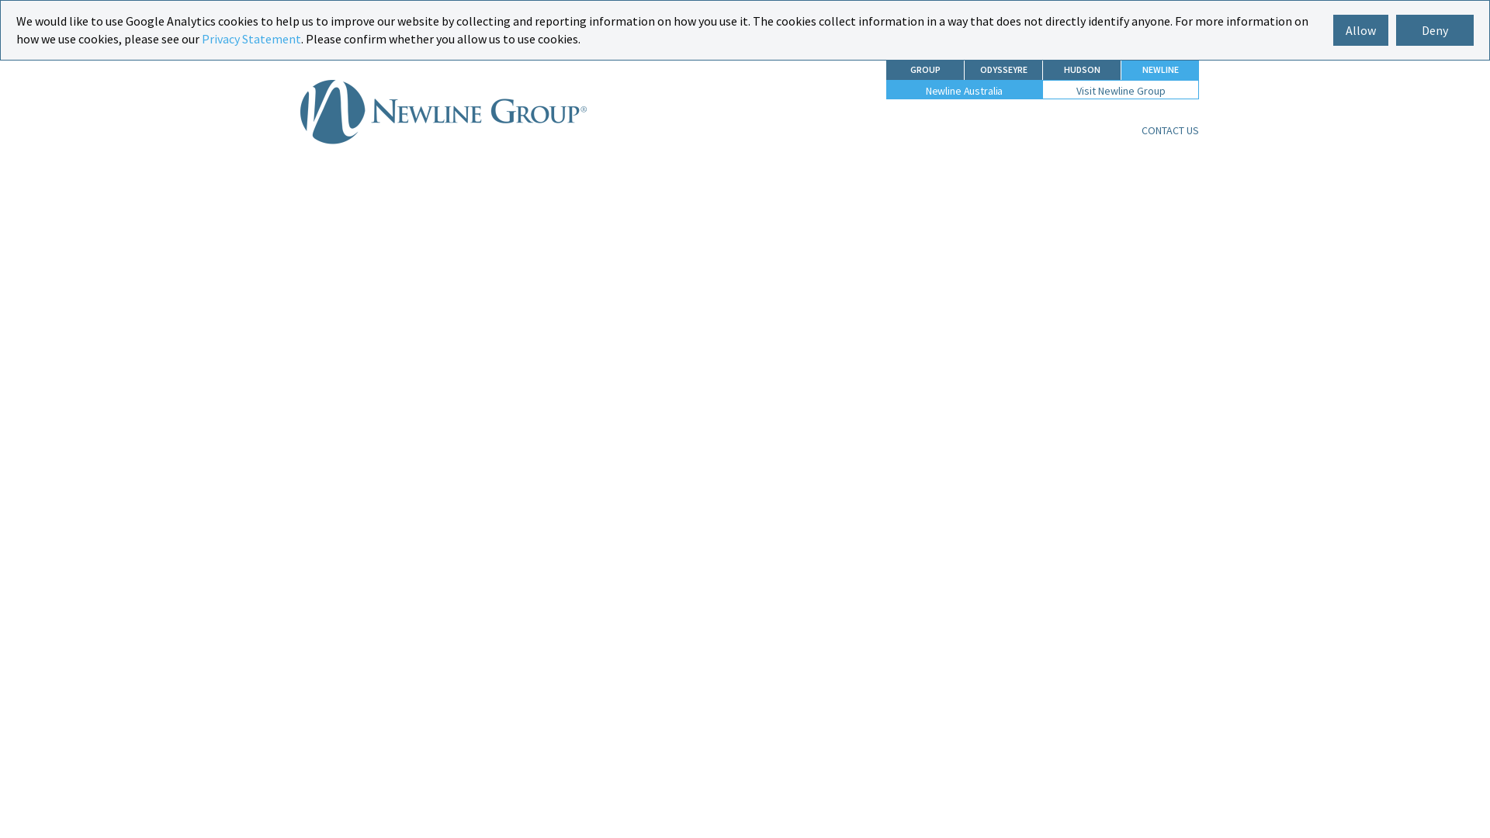  What do you see at coordinates (200, 38) in the screenshot?
I see `'Privacy Statement'` at bounding box center [200, 38].